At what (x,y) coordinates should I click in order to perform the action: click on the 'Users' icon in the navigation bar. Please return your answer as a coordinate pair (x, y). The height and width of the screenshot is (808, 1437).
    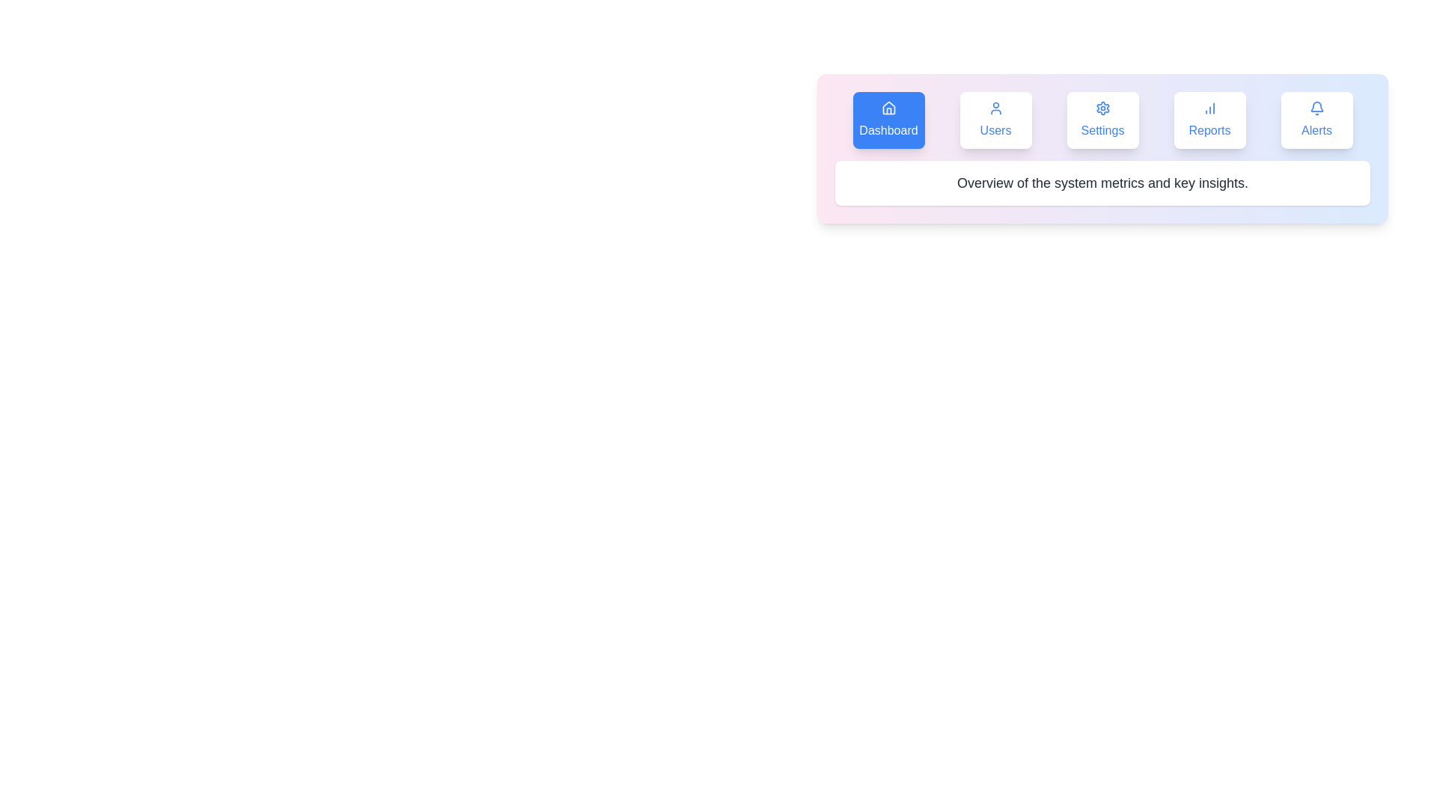
    Looking at the image, I should click on (995, 108).